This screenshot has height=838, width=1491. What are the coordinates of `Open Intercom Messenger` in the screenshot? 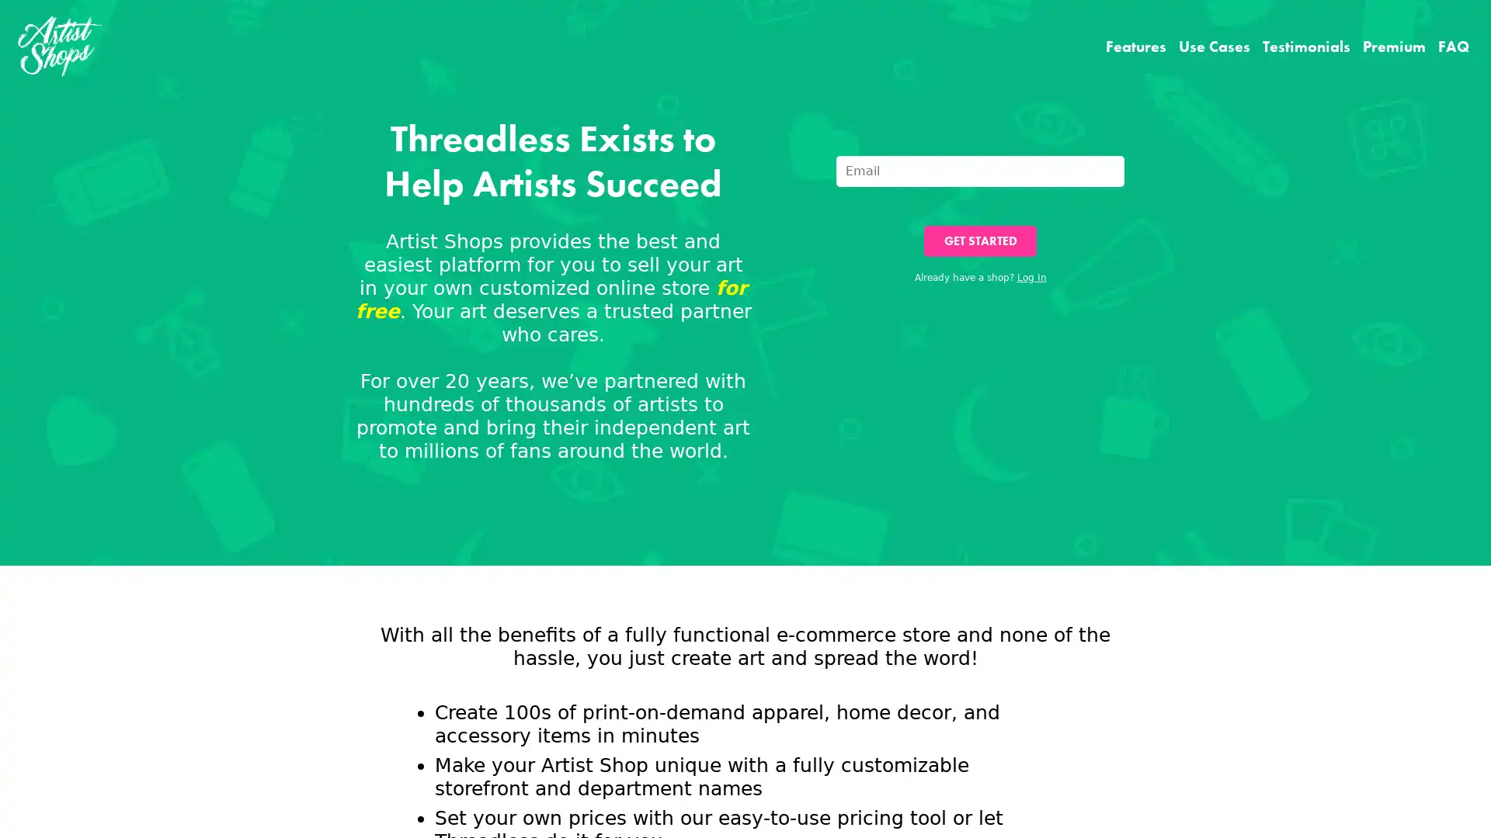 It's located at (1451, 798).